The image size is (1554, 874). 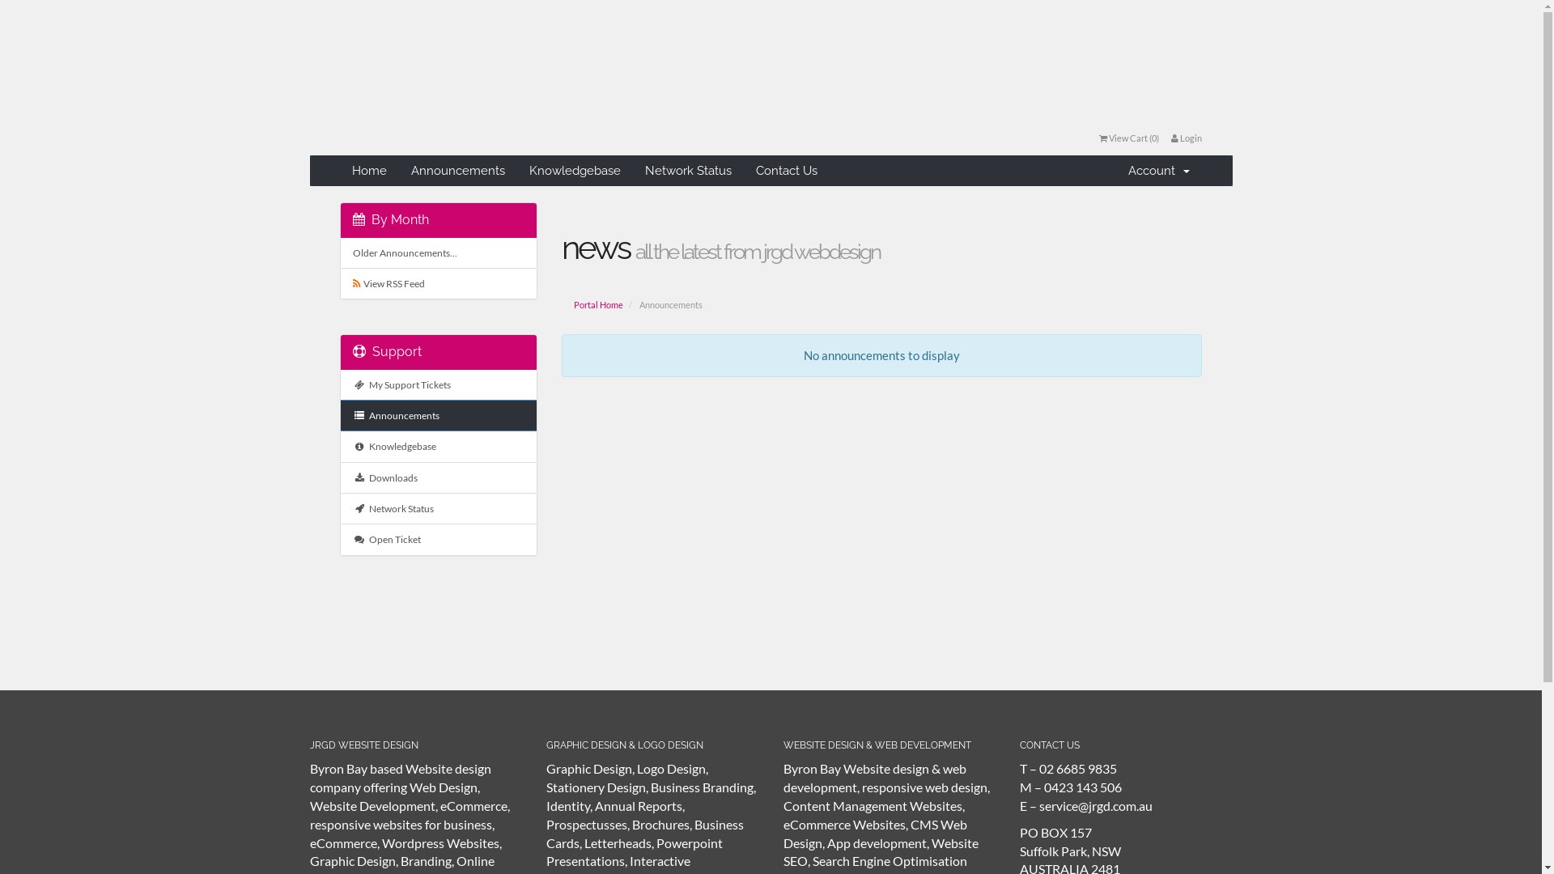 I want to click on 'Account  ', so click(x=1157, y=171).